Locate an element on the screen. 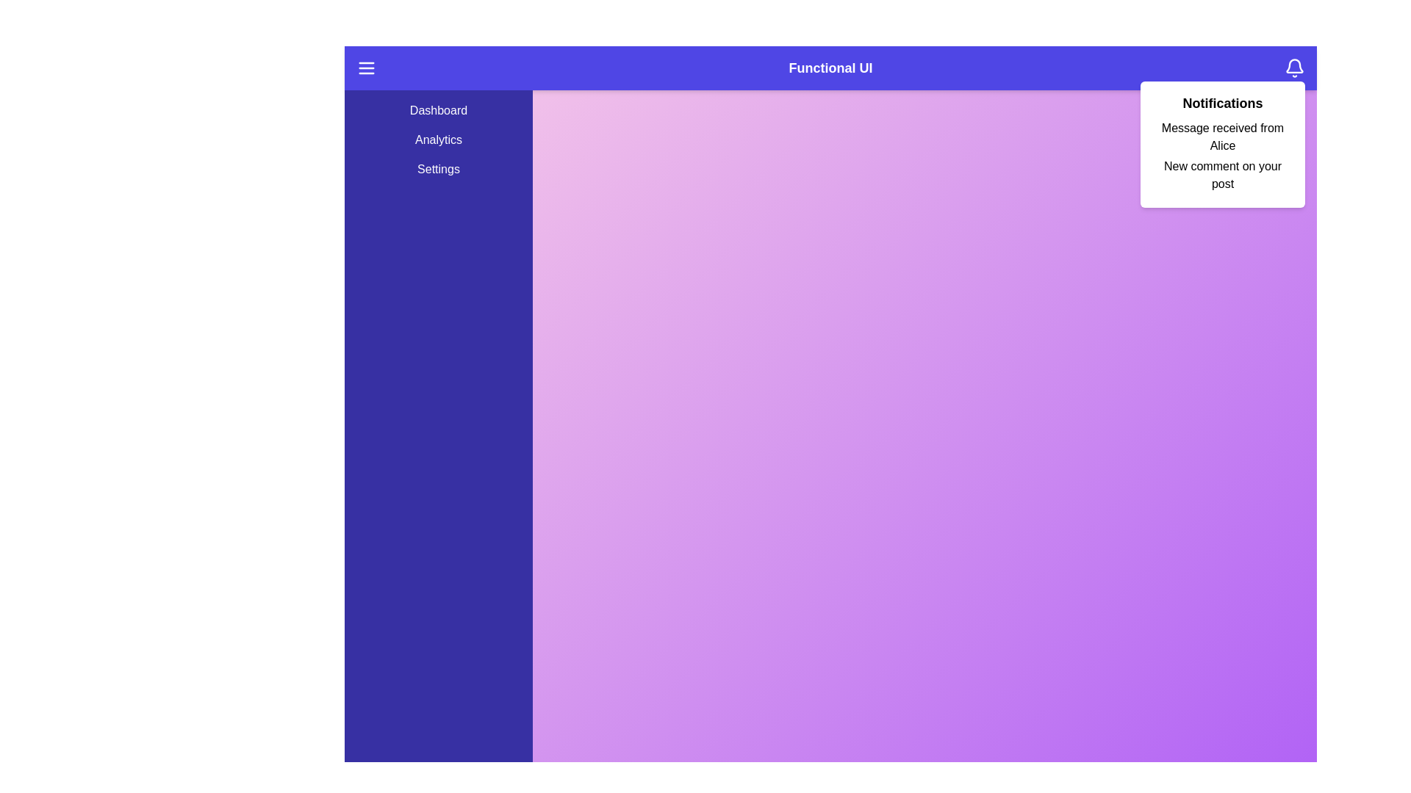 The image size is (1411, 793). the menu item Settings from the side menu is located at coordinates (437, 169).